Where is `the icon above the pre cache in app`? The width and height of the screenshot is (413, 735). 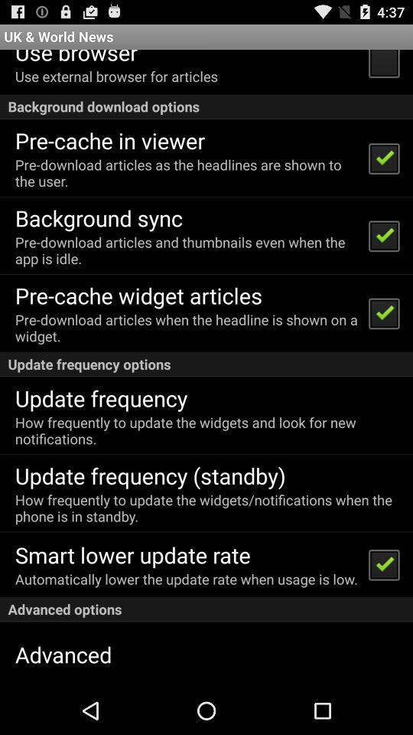 the icon above the pre cache in app is located at coordinates (206, 106).